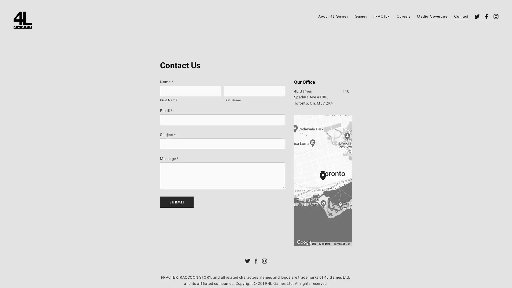  Describe the element at coordinates (326, 180) in the screenshot. I see `110 Spadina Avenue Toronto, ON, M5V 2K4, Canada` at that location.